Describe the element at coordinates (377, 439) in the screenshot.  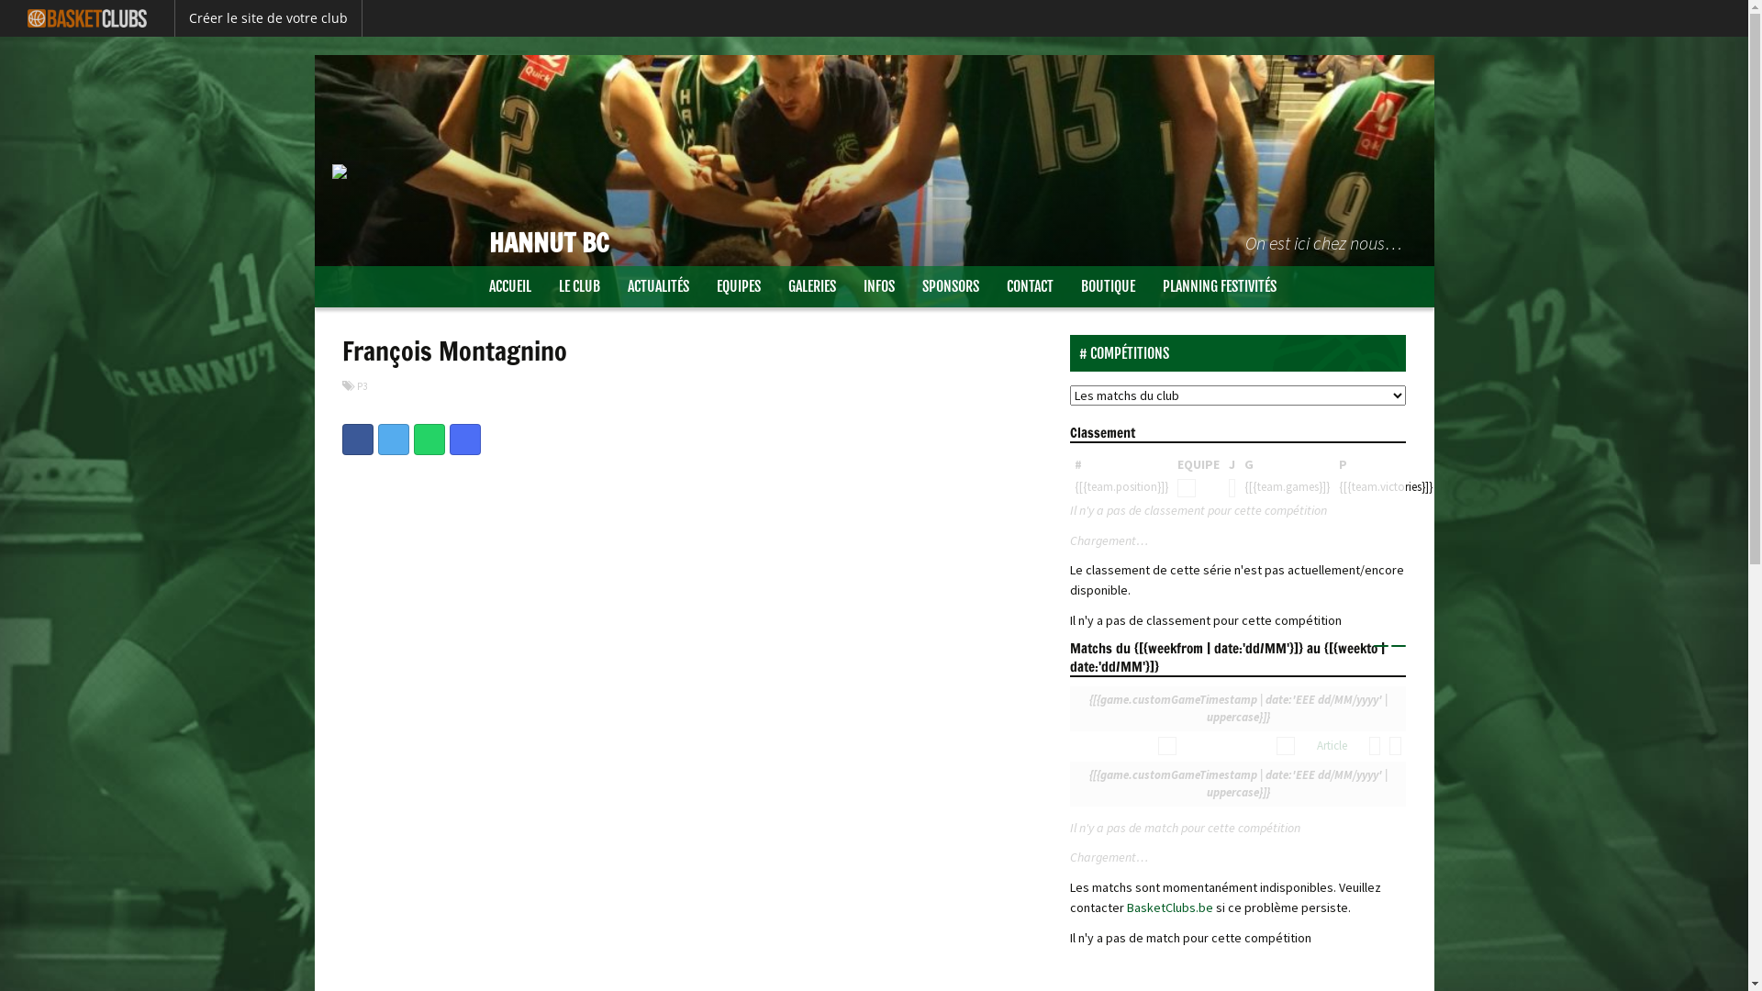
I see `'Partager sur Twitter'` at that location.